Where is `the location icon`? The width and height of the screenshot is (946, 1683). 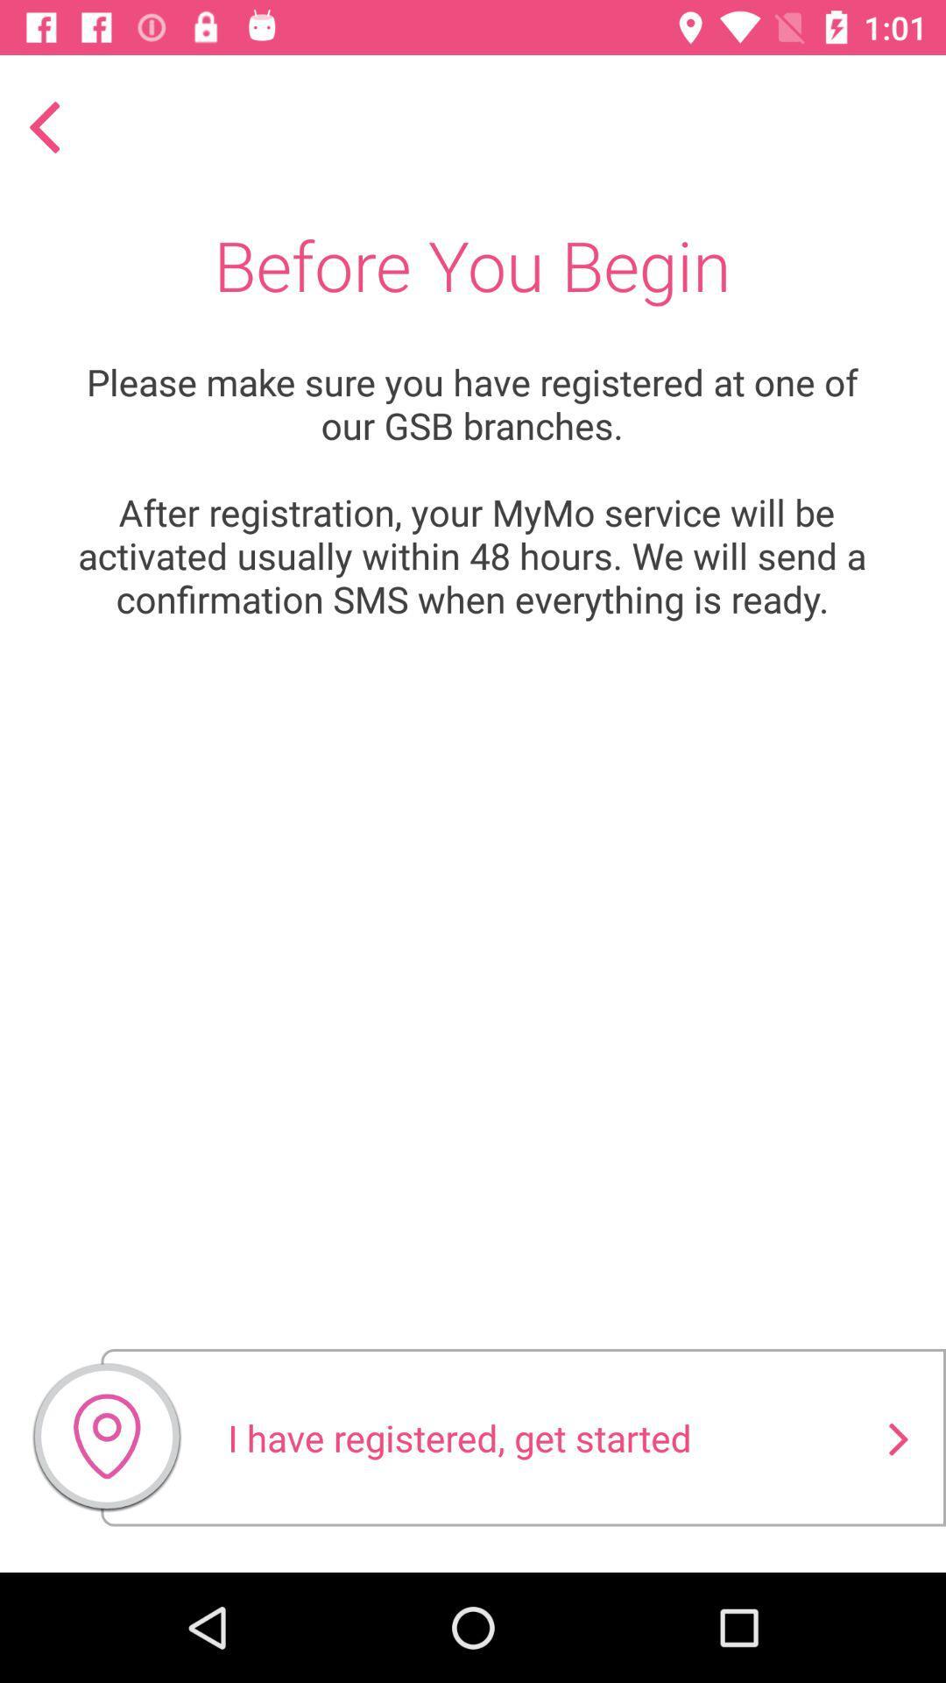 the location icon is located at coordinates (107, 1444).